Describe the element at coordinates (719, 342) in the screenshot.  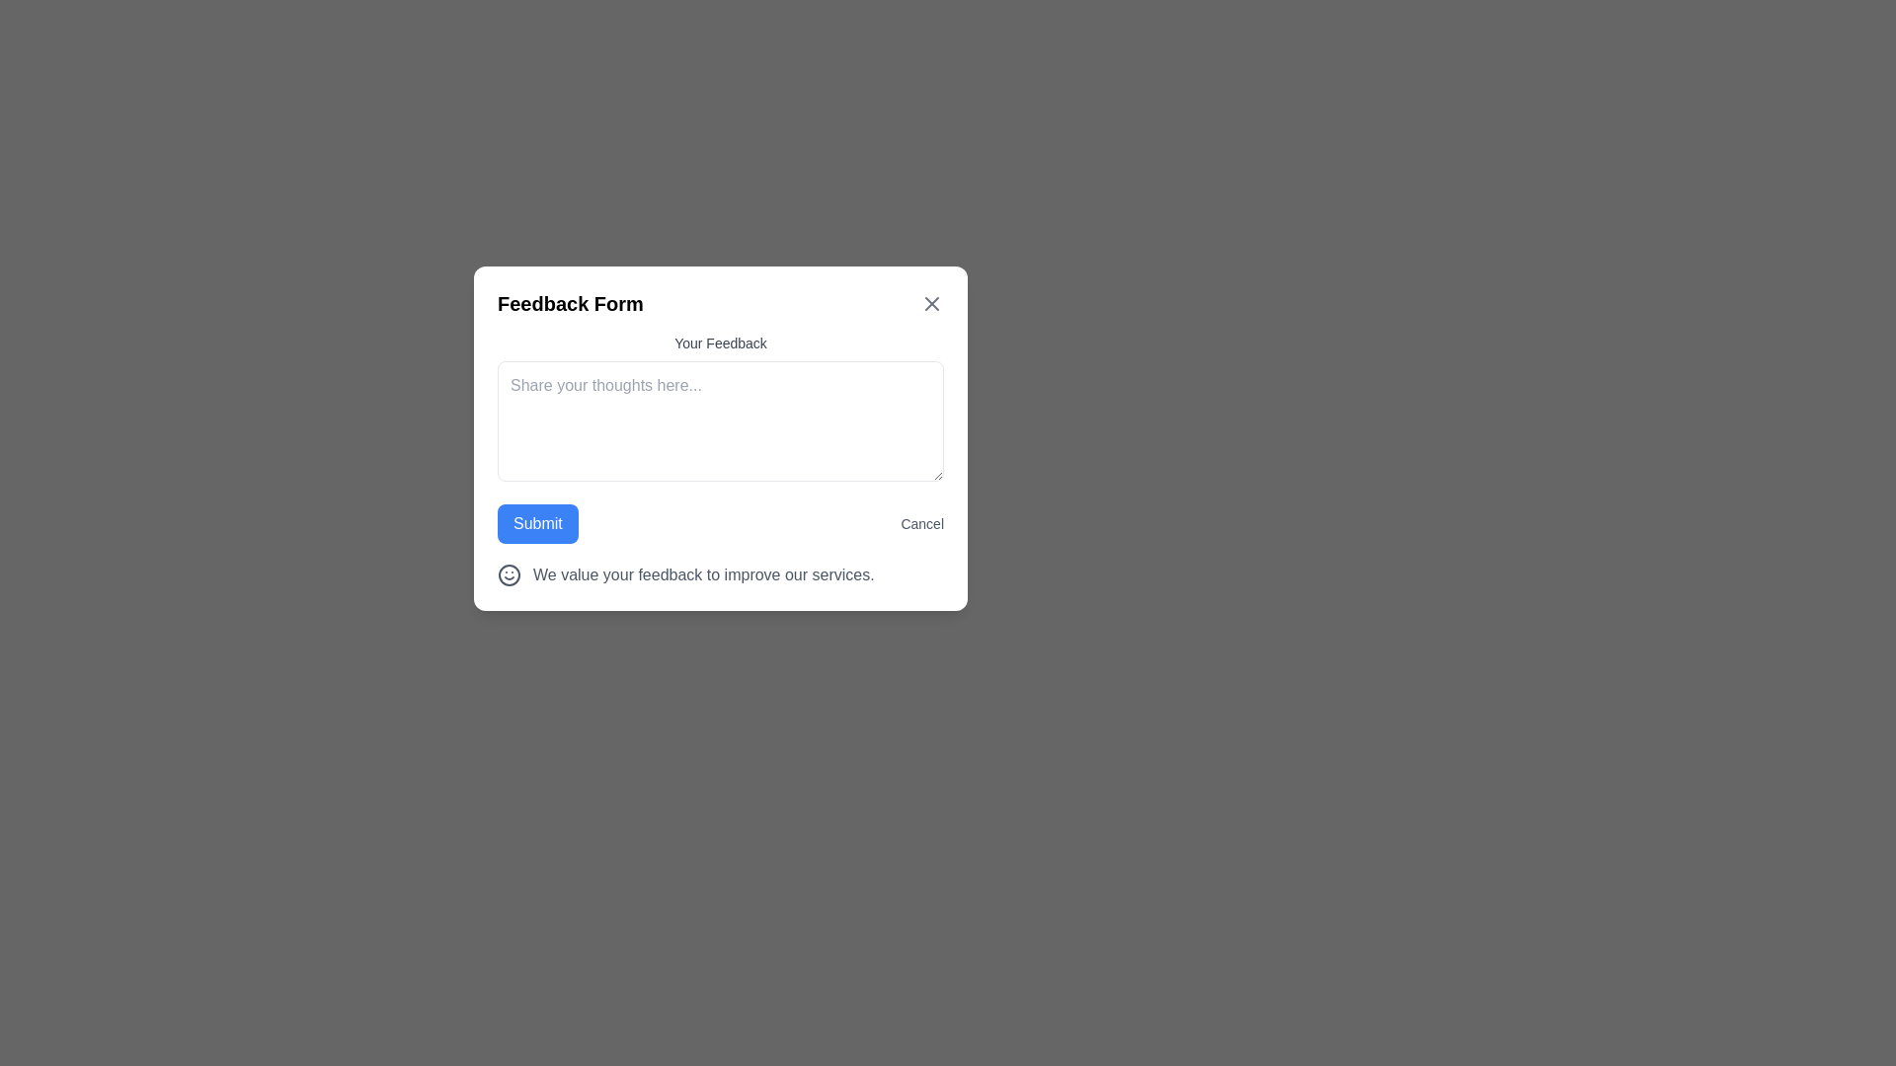
I see `the 'Your Feedback' text label, which is displayed in a small, gray font within a white modal dialog box, serving as the header for the feedback text input area below it` at that location.